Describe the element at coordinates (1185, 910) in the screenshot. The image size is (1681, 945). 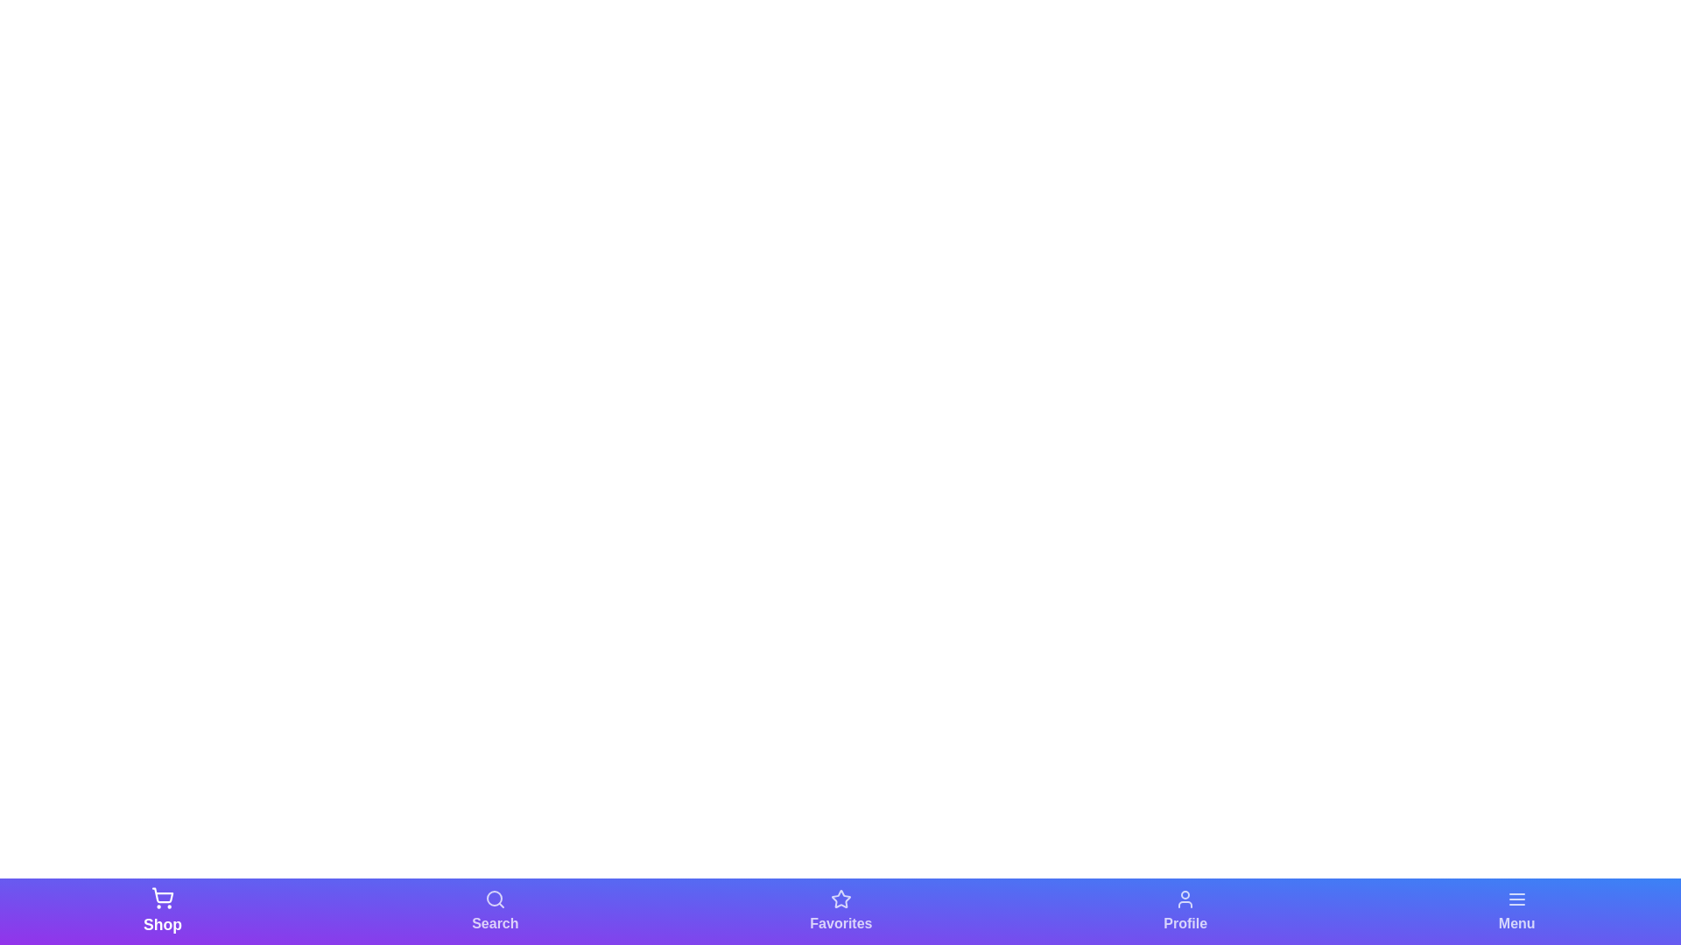
I see `the Profile tab in the bottom navigation bar` at that location.